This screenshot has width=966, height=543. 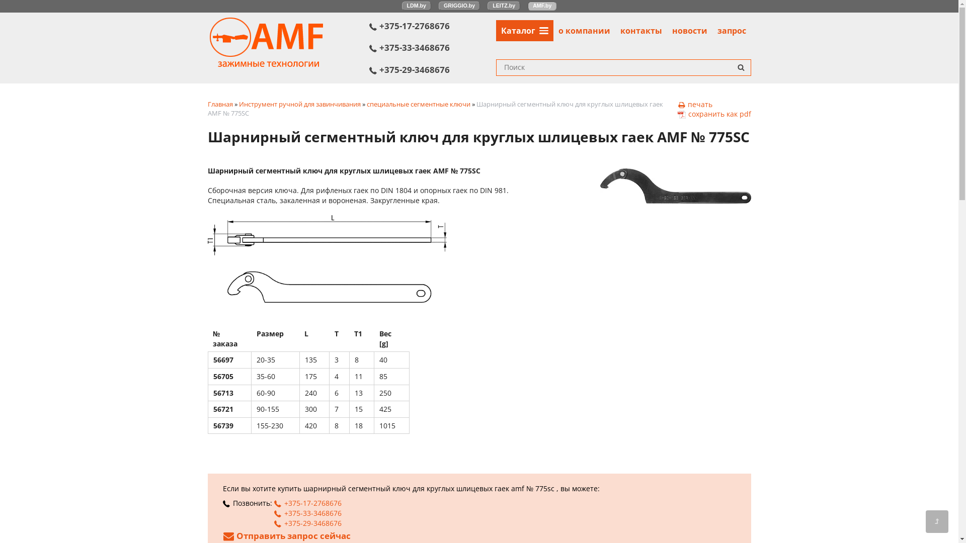 I want to click on '+375-29-3468676', so click(x=306, y=522).